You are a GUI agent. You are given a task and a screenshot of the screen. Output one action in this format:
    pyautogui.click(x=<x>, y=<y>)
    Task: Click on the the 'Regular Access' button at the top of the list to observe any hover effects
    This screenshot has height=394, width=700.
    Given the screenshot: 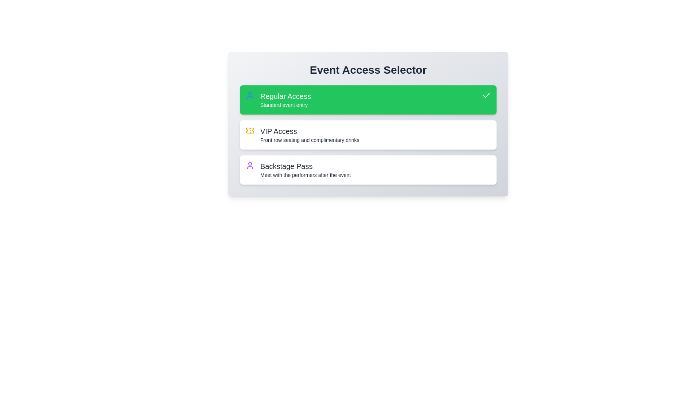 What is the action you would take?
    pyautogui.click(x=368, y=100)
    